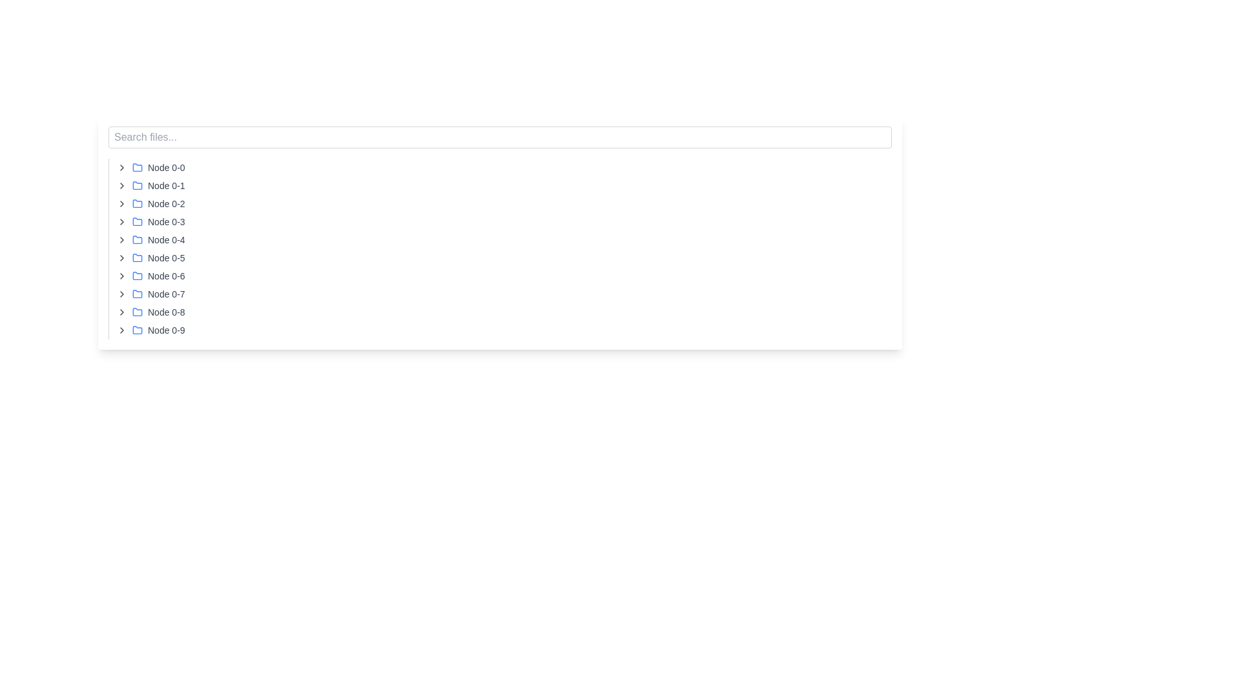 The image size is (1240, 697). I want to click on the folder icon representing the list item 'Node 0-4', which is located to the left of the text label and to the right of the arrow icon, so click(137, 239).